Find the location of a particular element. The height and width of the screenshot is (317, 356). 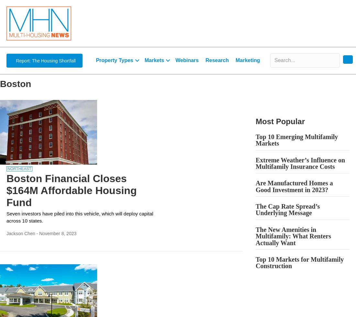

'Most Popular' is located at coordinates (280, 121).